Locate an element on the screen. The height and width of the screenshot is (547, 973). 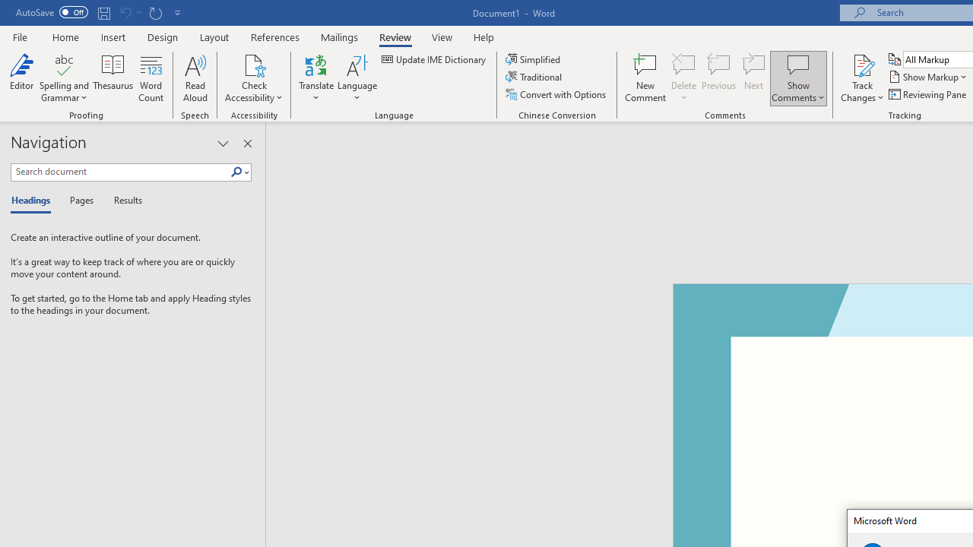
'Read Aloud' is located at coordinates (194, 78).